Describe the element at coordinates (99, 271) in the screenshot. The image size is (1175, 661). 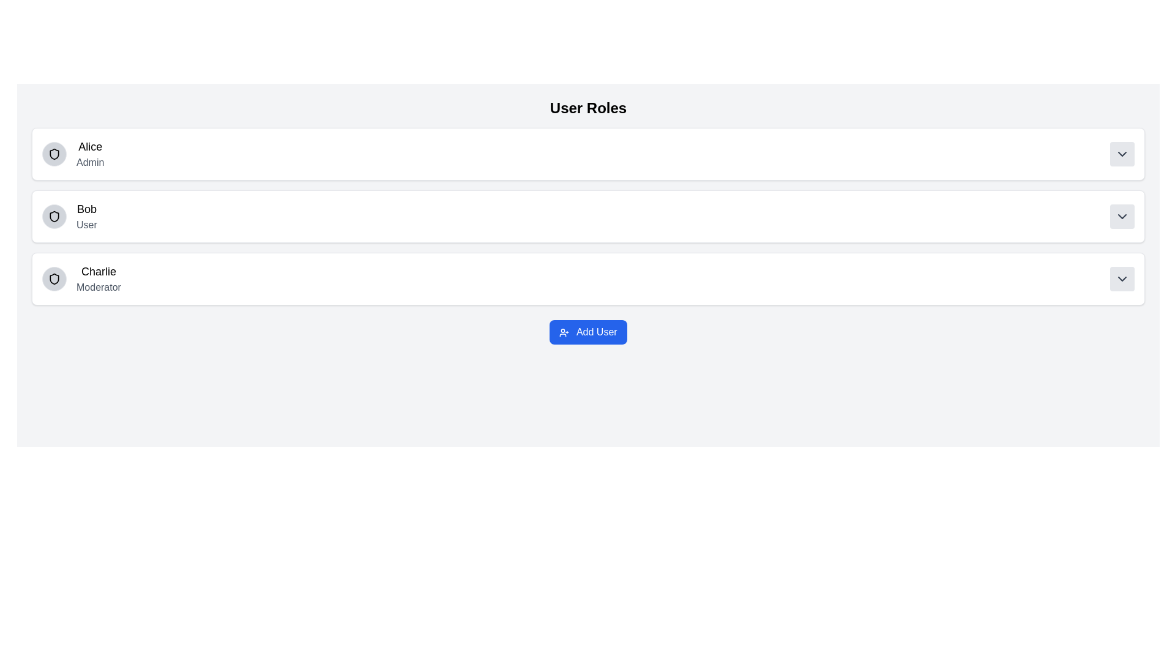
I see `the Text Label displaying the name 'Charlie', which identifies the user role in the list of user roles` at that location.